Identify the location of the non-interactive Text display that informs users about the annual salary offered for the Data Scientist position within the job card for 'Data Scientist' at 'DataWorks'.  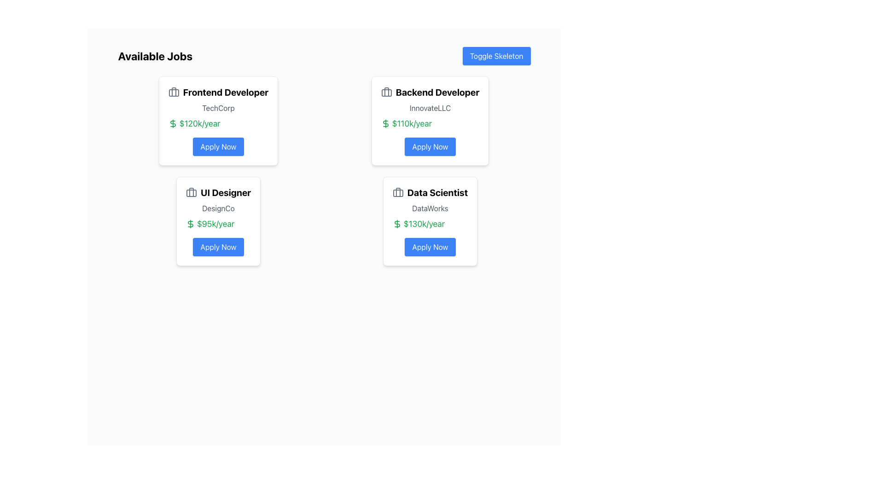
(430, 224).